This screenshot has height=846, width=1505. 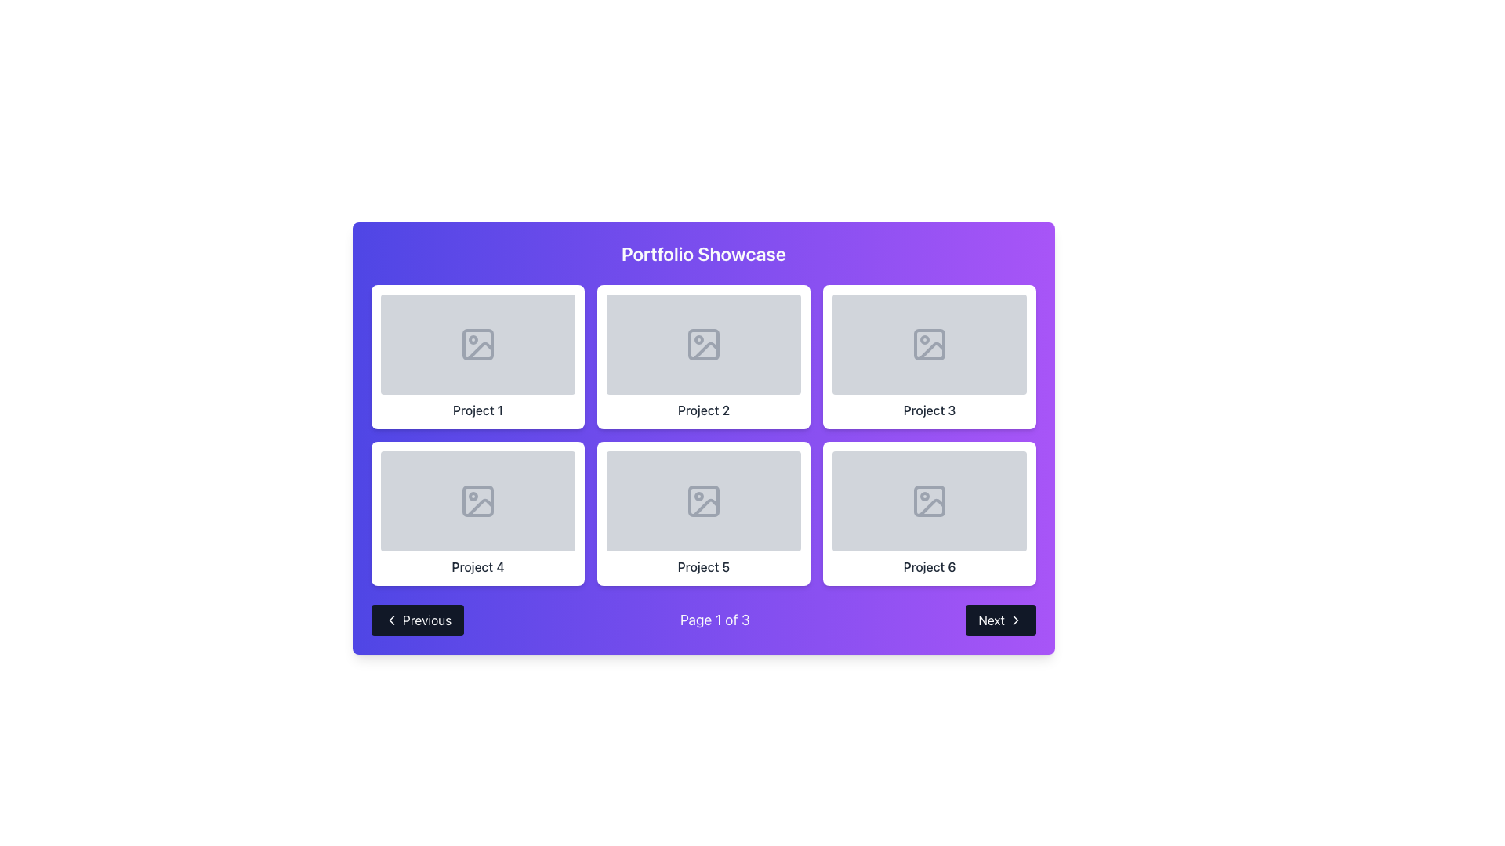 I want to click on the 'Previous' button, which has a dark background and rounded corners, so click(x=418, y=619).